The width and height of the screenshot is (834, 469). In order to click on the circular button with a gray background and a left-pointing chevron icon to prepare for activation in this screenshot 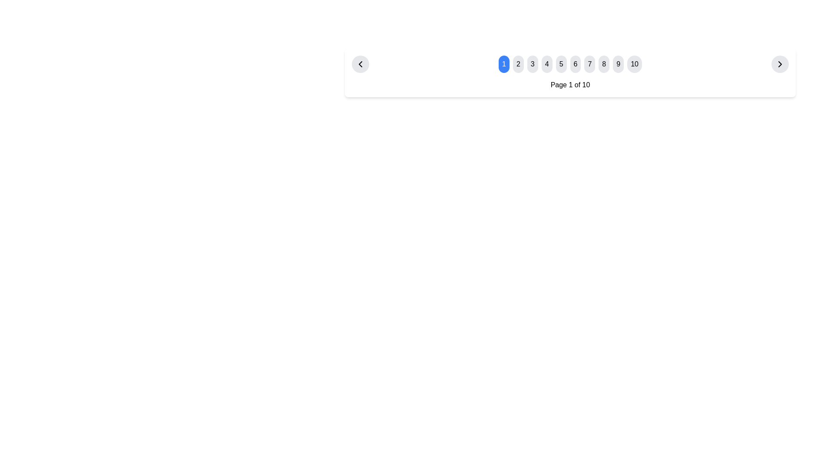, I will do `click(361, 63)`.